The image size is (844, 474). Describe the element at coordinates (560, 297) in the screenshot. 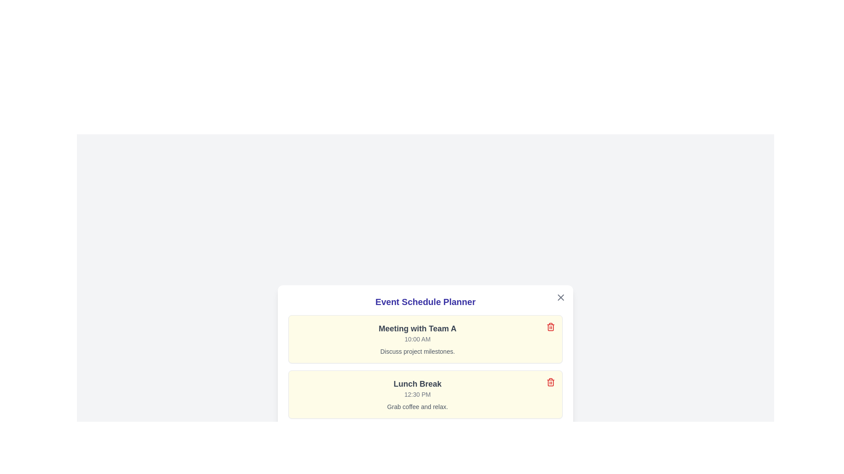

I see `the dismissive button represented by a gray cross icon at the top-right corner of the 'Event Schedule Planner' interface` at that location.